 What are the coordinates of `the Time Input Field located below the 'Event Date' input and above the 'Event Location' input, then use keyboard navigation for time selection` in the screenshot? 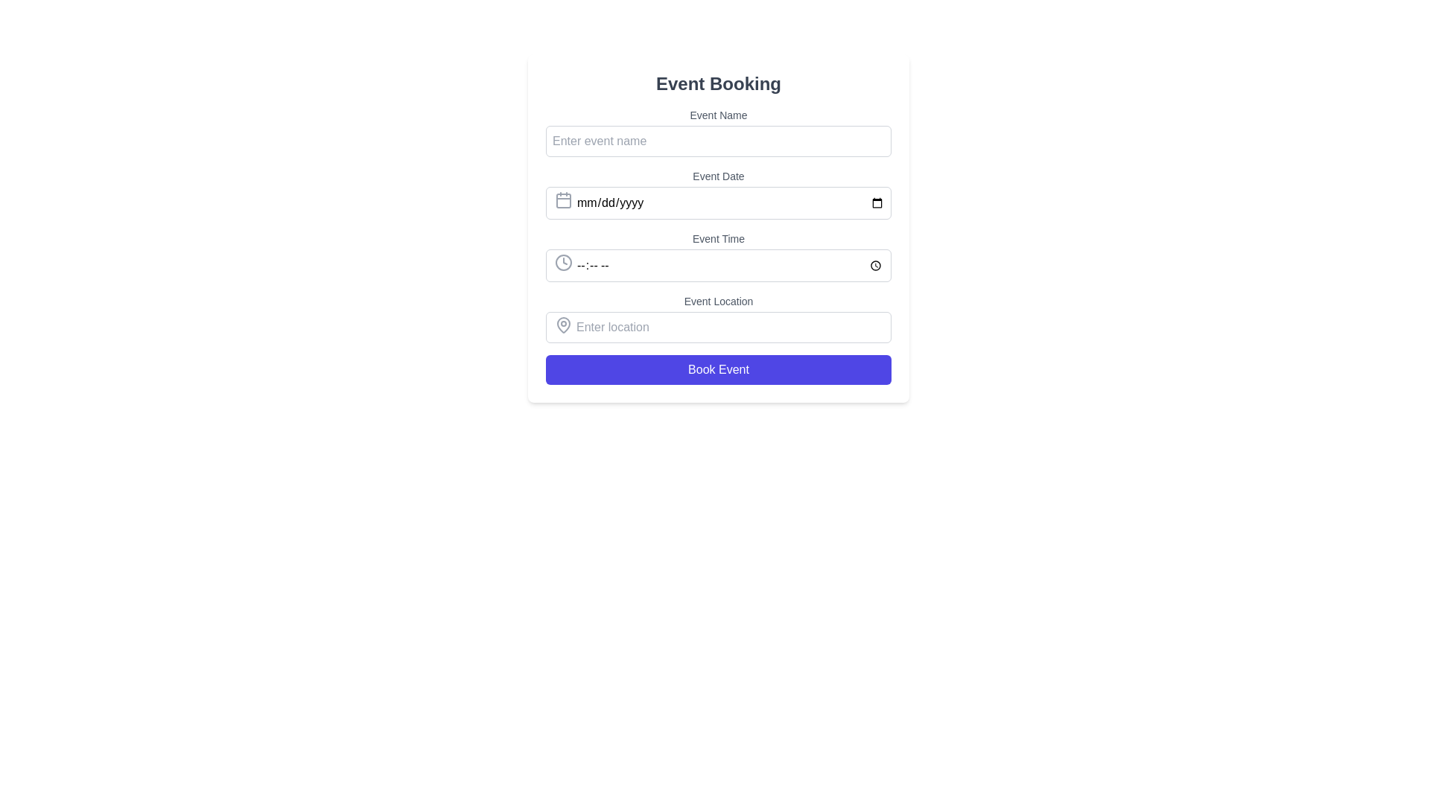 It's located at (718, 265).